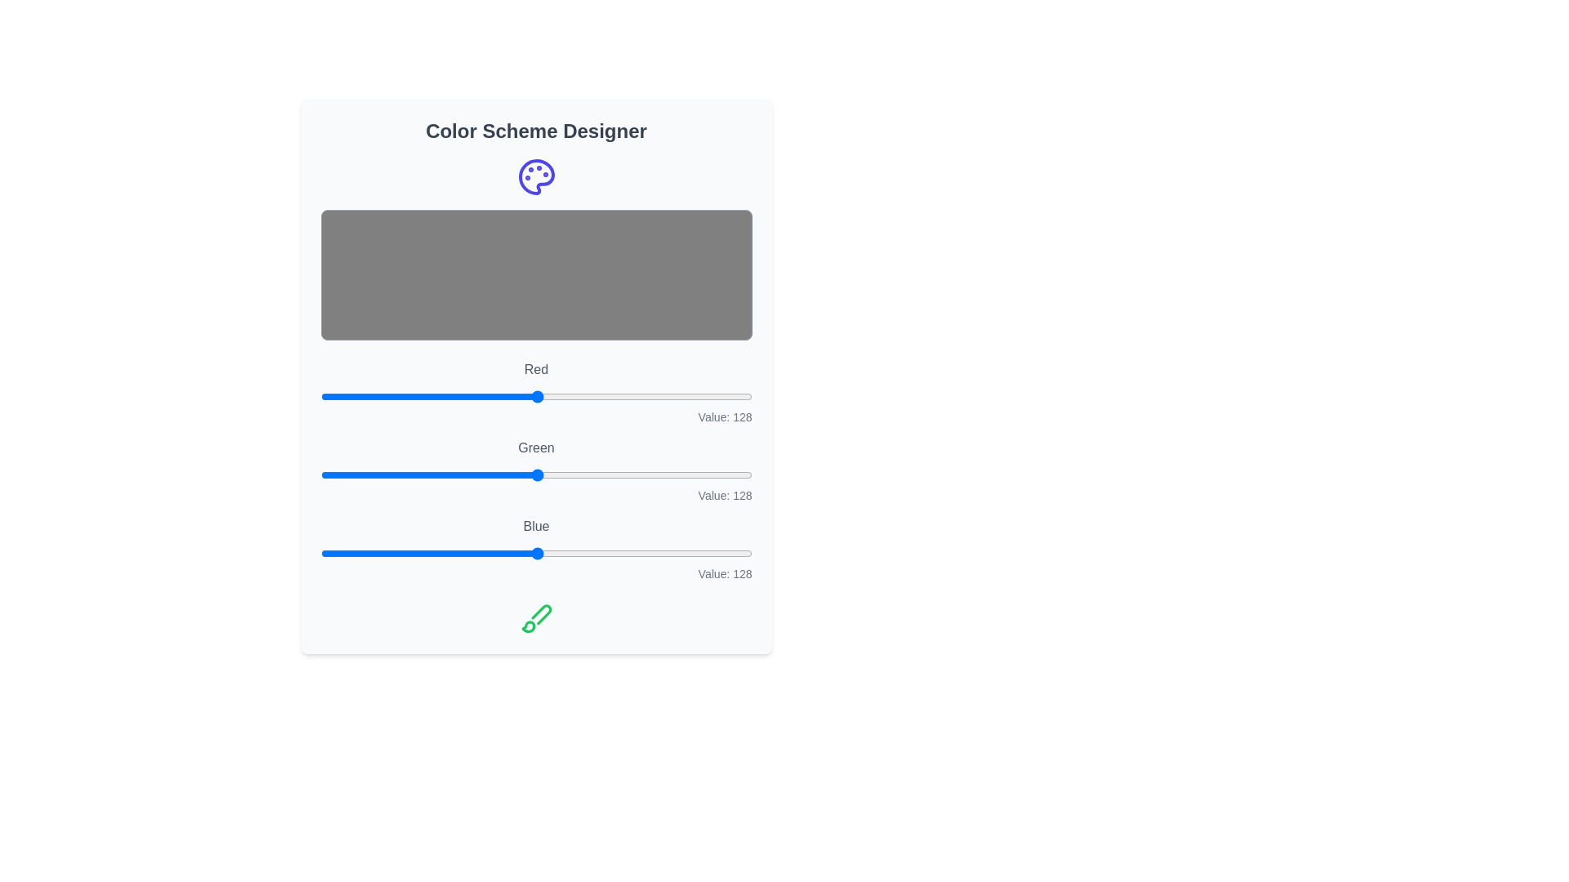 This screenshot has width=1569, height=882. What do you see at coordinates (642, 475) in the screenshot?
I see `the slider` at bounding box center [642, 475].